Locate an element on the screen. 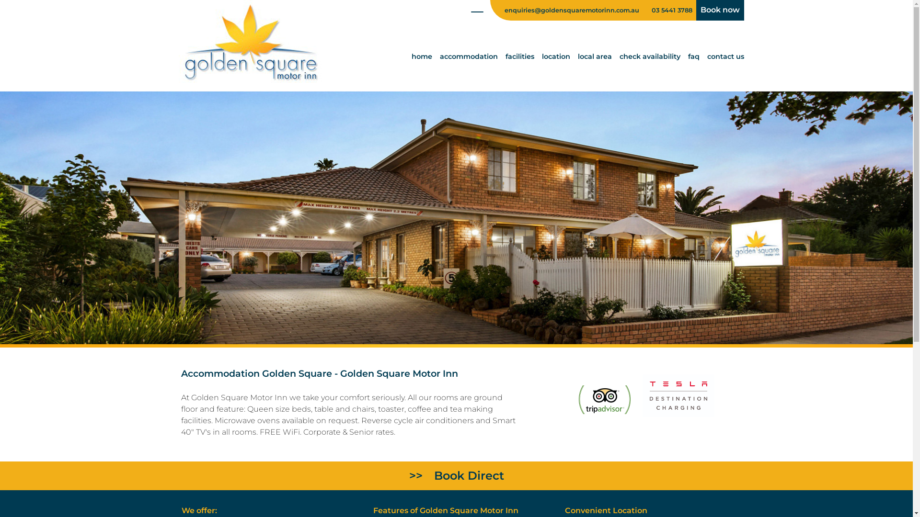  'Book Direct' is located at coordinates (455, 476).